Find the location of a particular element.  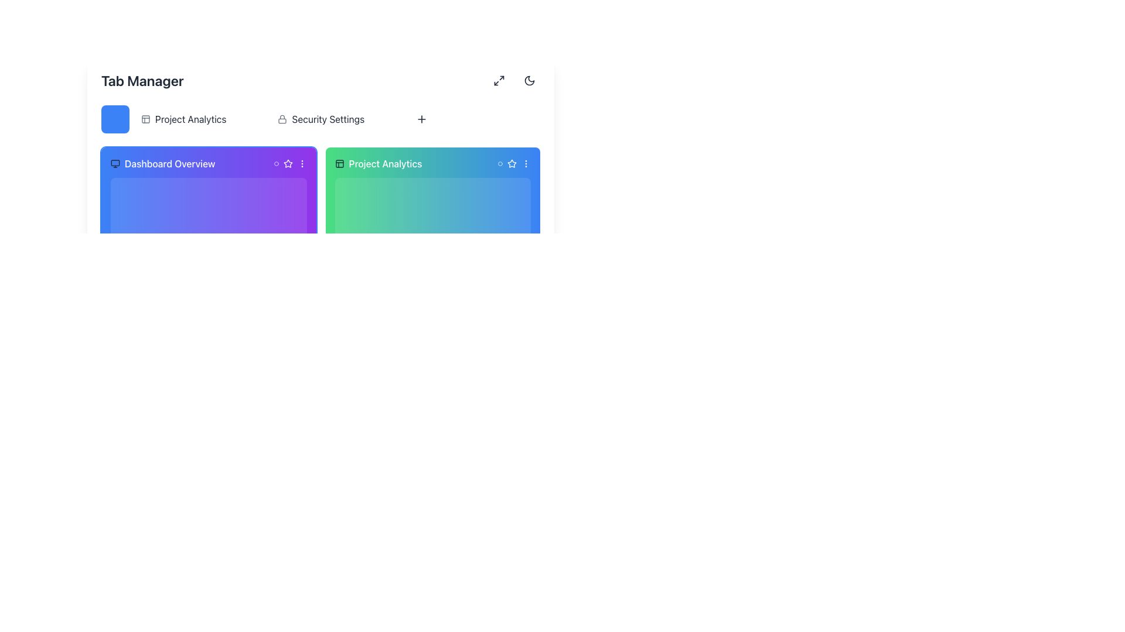

the prominent 'Tab Manager' text label, which serves as the header for the section is located at coordinates (142, 80).